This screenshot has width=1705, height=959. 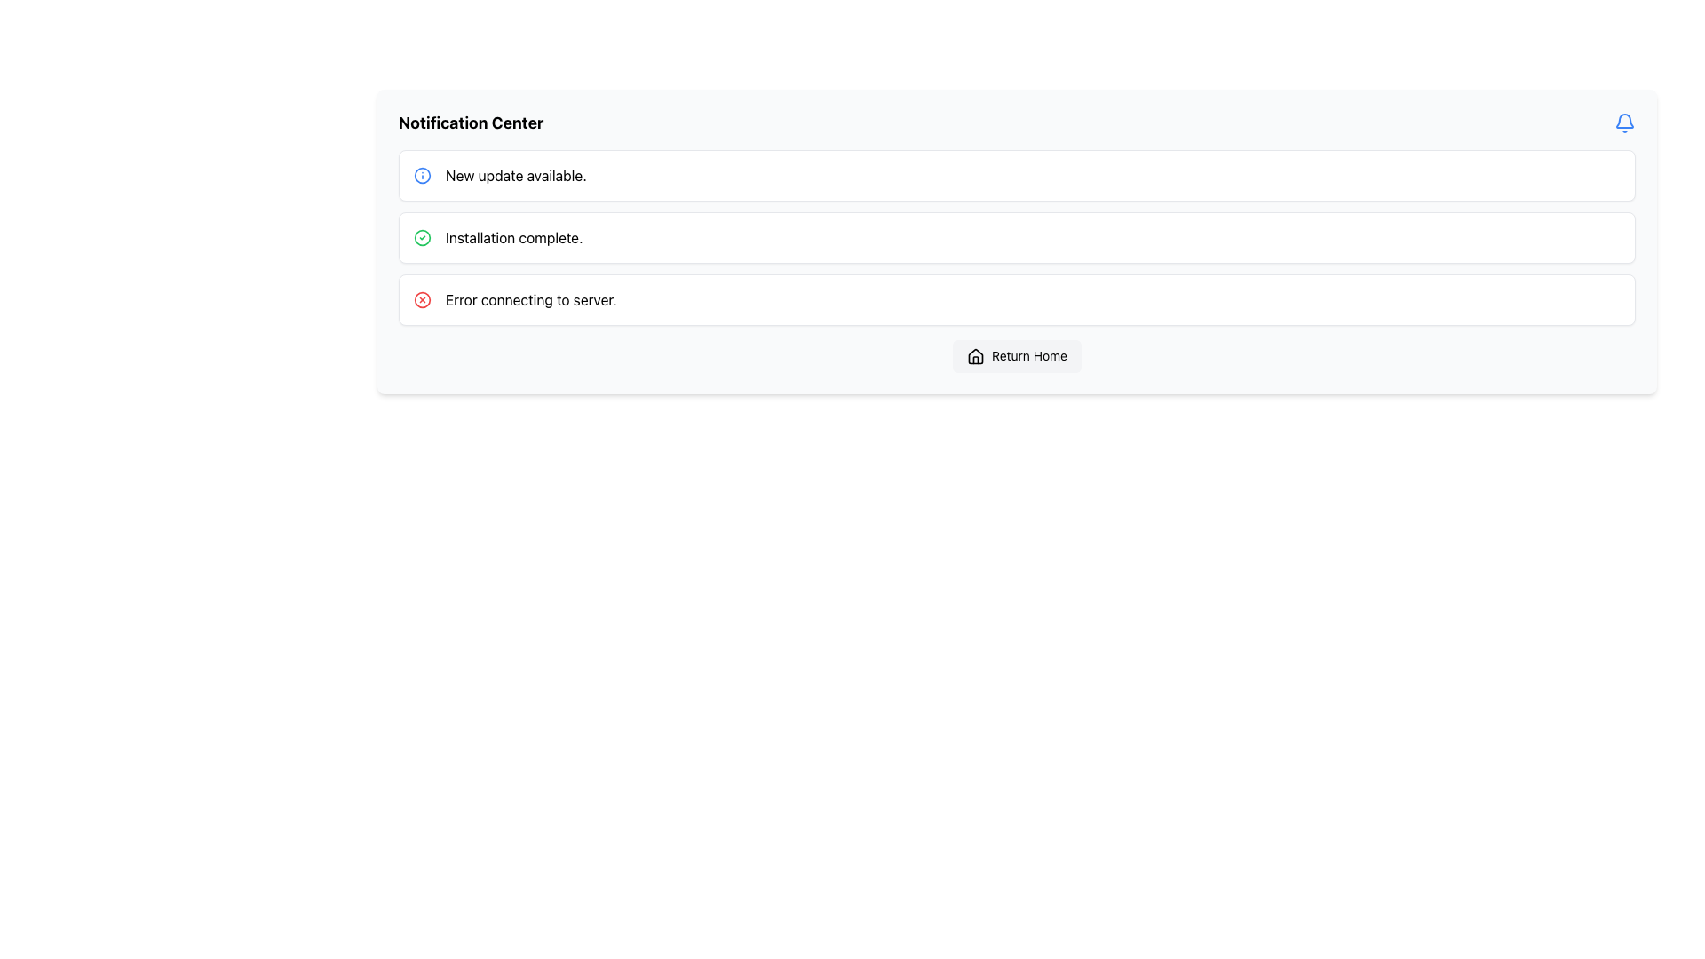 What do you see at coordinates (421, 236) in the screenshot?
I see `the small green checkmark icon within a green circle, which indicates a successful action, located in the second entry of the notification list stating 'Installation complete.'` at bounding box center [421, 236].